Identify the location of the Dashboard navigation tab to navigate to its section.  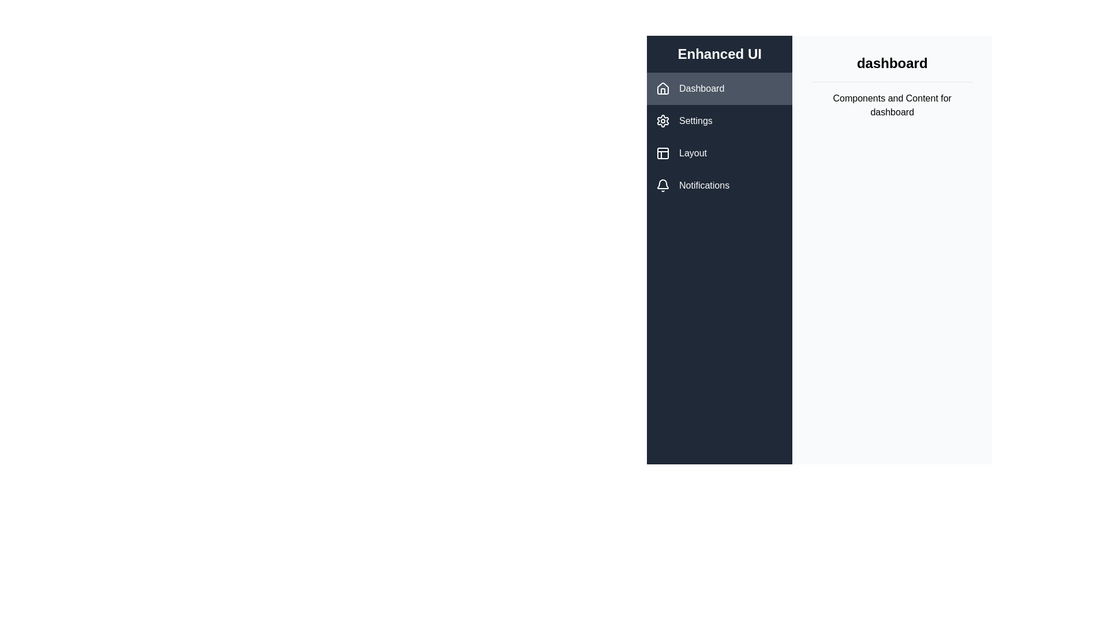
(719, 88).